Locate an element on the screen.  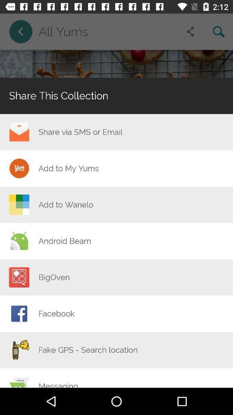
the share via sms item is located at coordinates (80, 132).